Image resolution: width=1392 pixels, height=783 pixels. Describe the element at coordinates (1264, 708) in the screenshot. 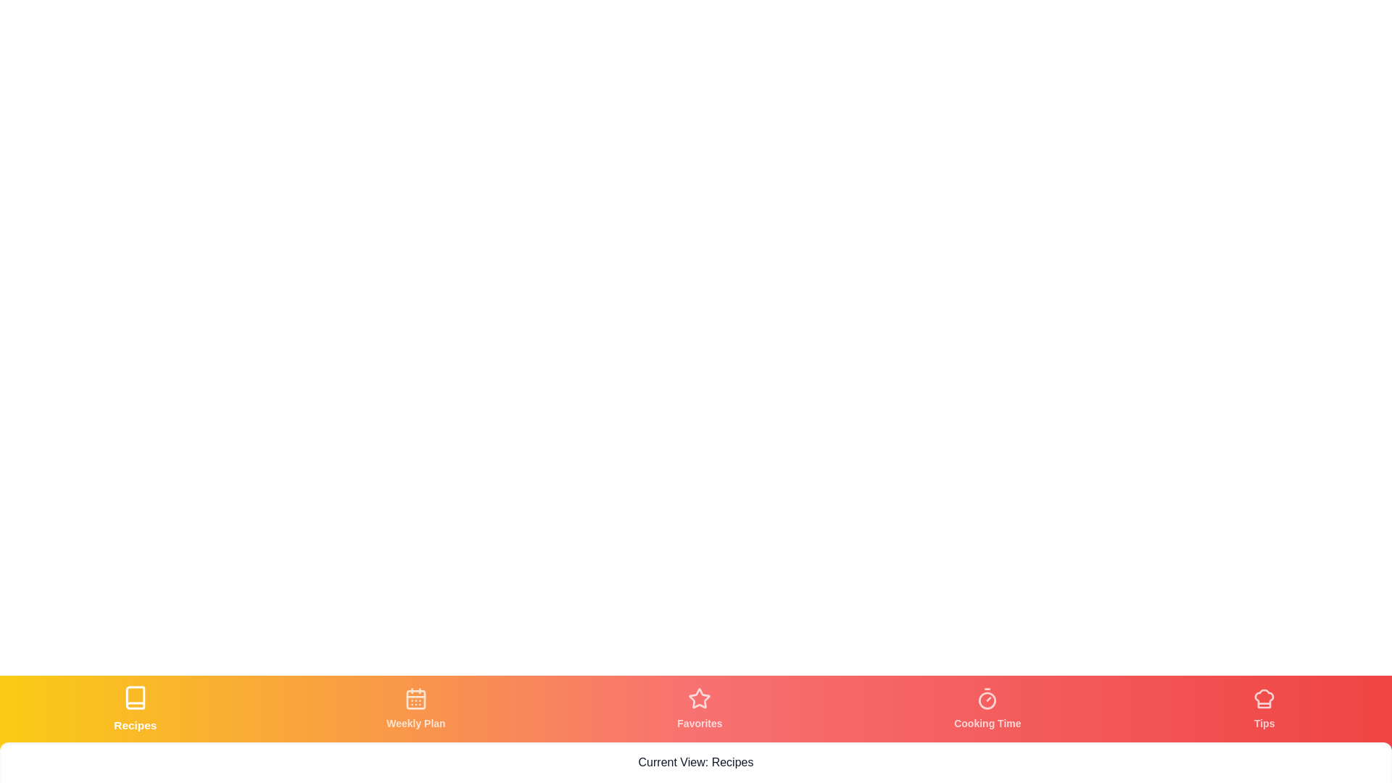

I see `the tab corresponding to Tips by clicking its icon or label` at that location.